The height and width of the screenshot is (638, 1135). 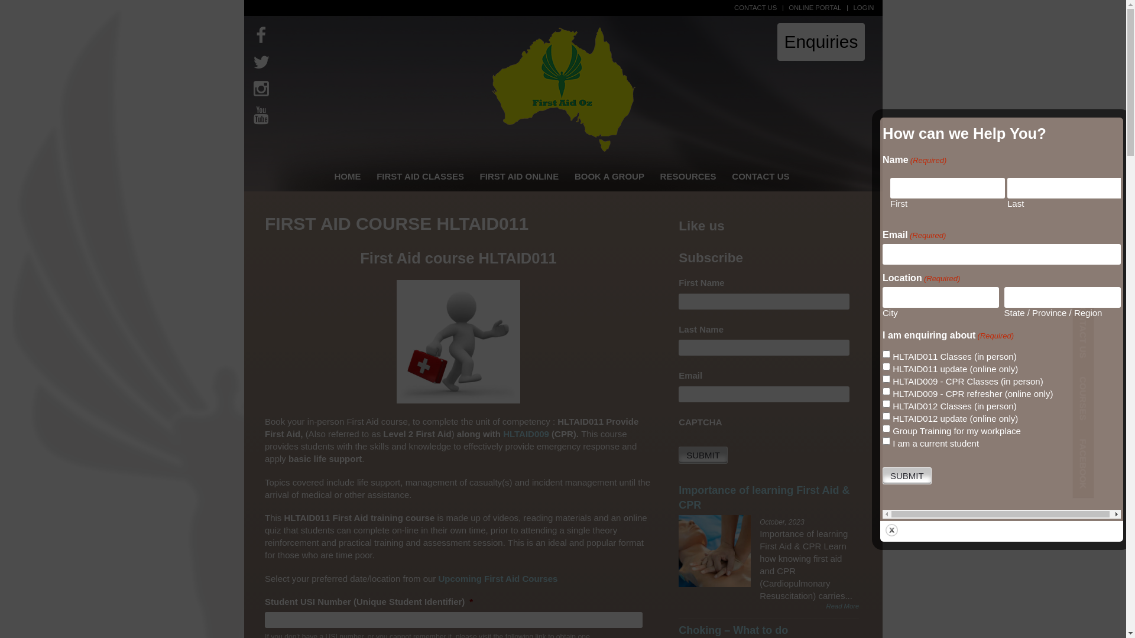 I want to click on 'FIRST AID CLASSES', so click(x=420, y=175).